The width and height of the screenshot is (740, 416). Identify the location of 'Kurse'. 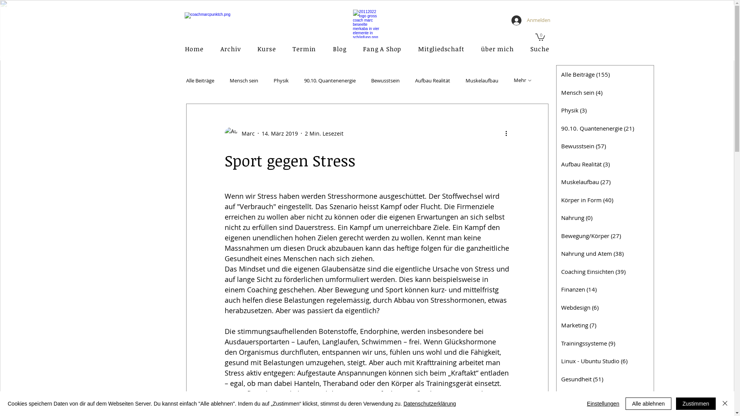
(266, 49).